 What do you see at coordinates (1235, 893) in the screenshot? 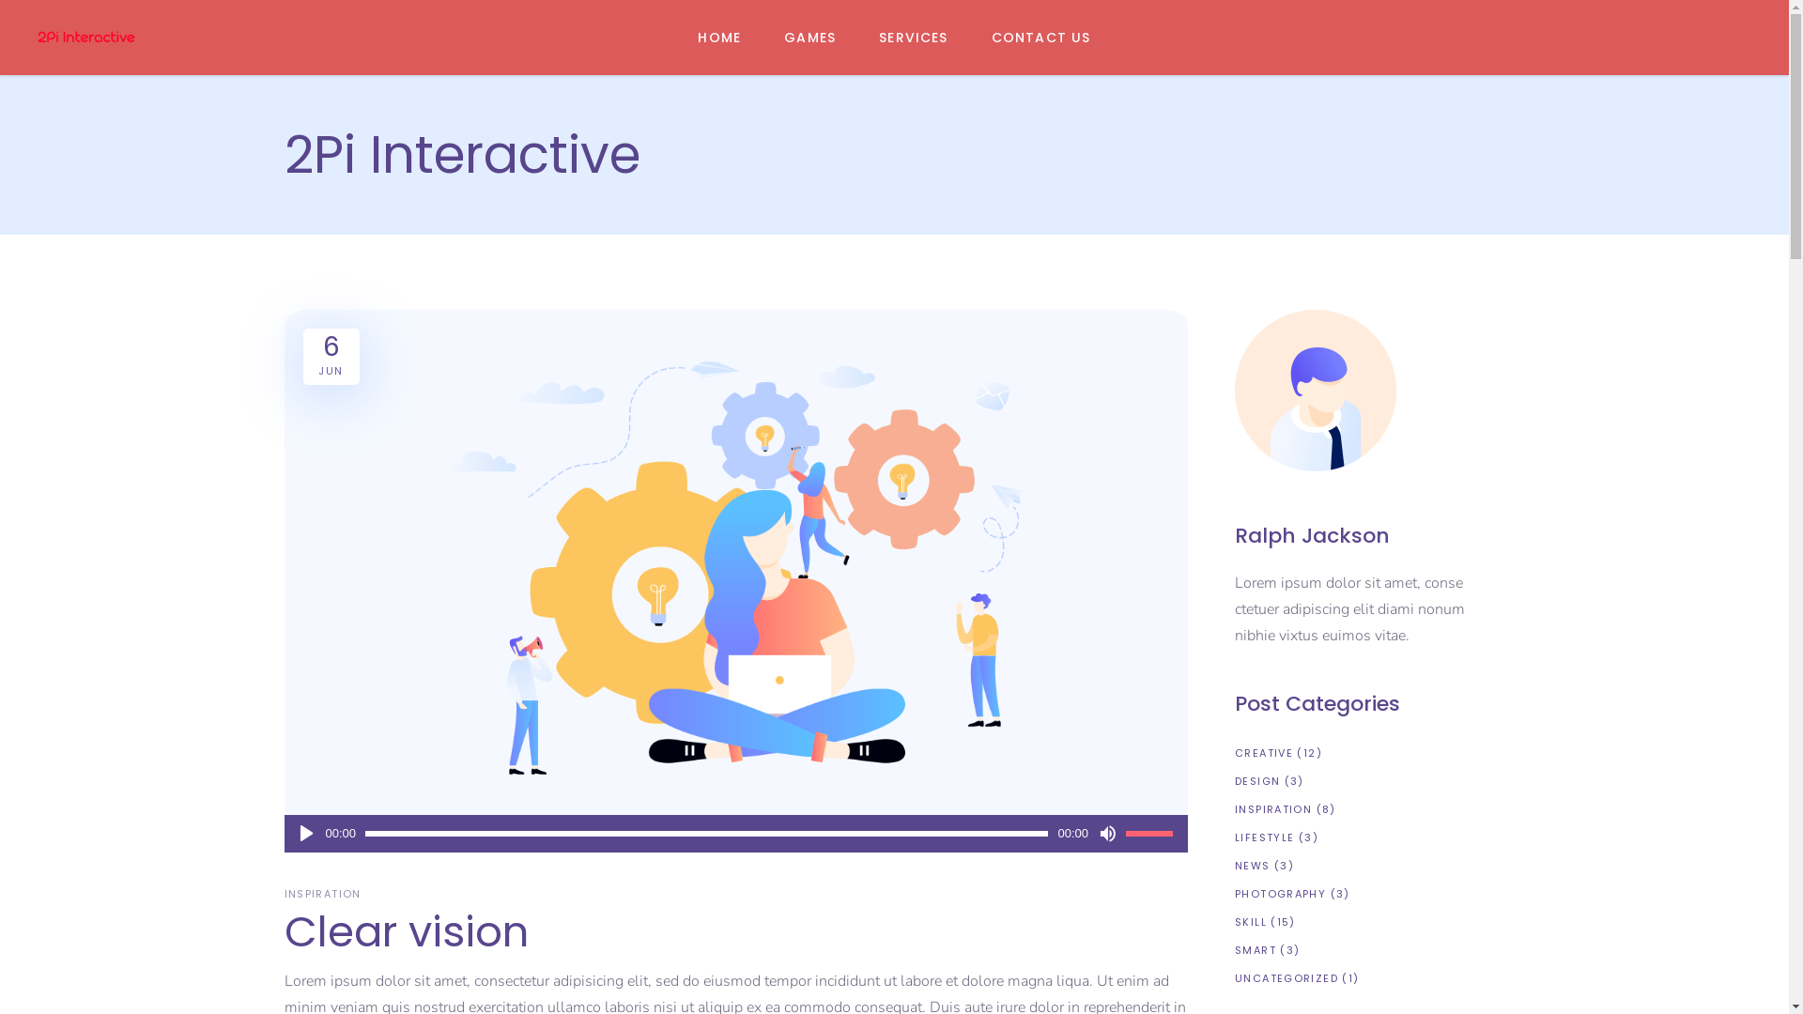
I see `'PHOTOGRAPHY'` at bounding box center [1235, 893].